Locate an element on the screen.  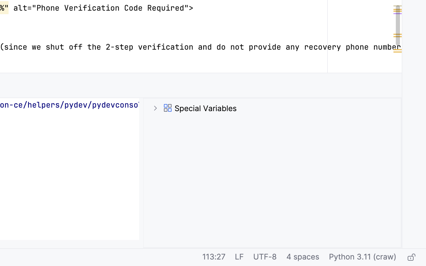
'113:27' is located at coordinates (214, 257).